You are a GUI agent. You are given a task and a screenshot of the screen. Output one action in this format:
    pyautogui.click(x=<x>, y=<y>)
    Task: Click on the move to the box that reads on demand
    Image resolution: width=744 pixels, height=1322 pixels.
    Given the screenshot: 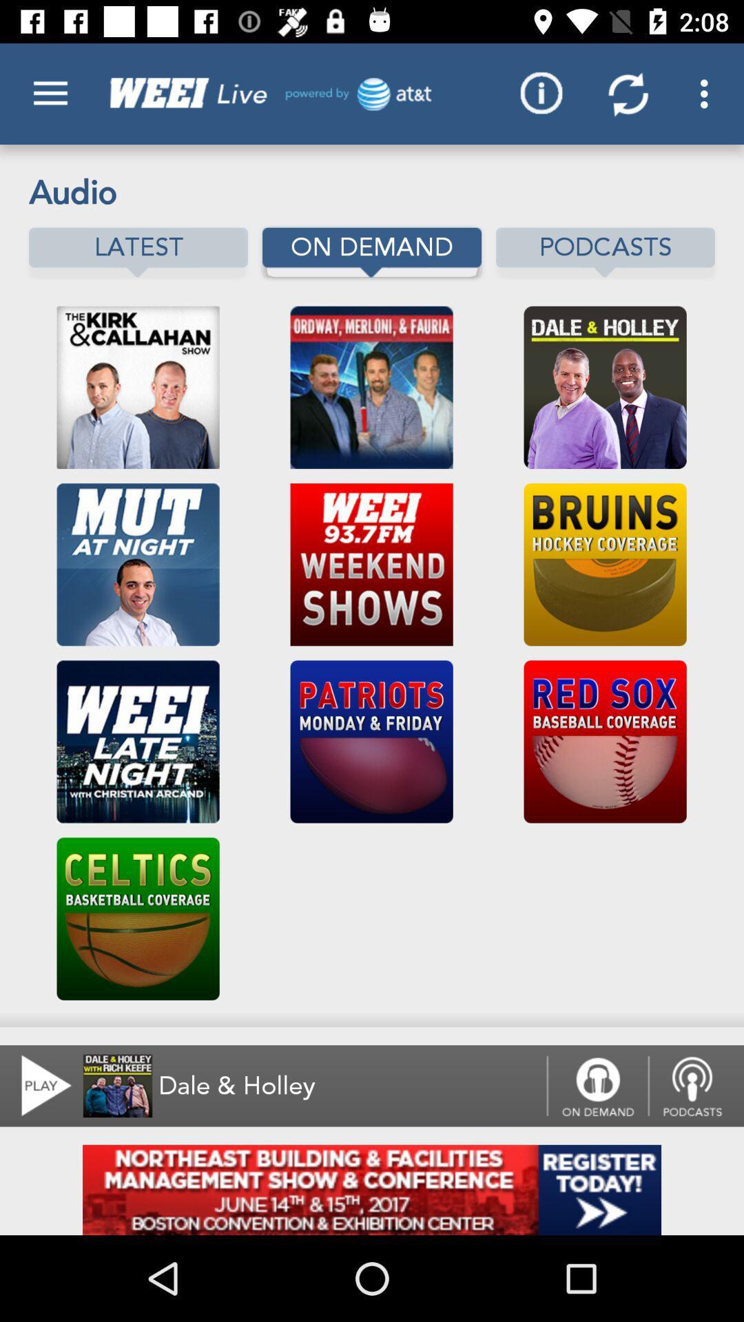 What is the action you would take?
    pyautogui.click(x=372, y=252)
    